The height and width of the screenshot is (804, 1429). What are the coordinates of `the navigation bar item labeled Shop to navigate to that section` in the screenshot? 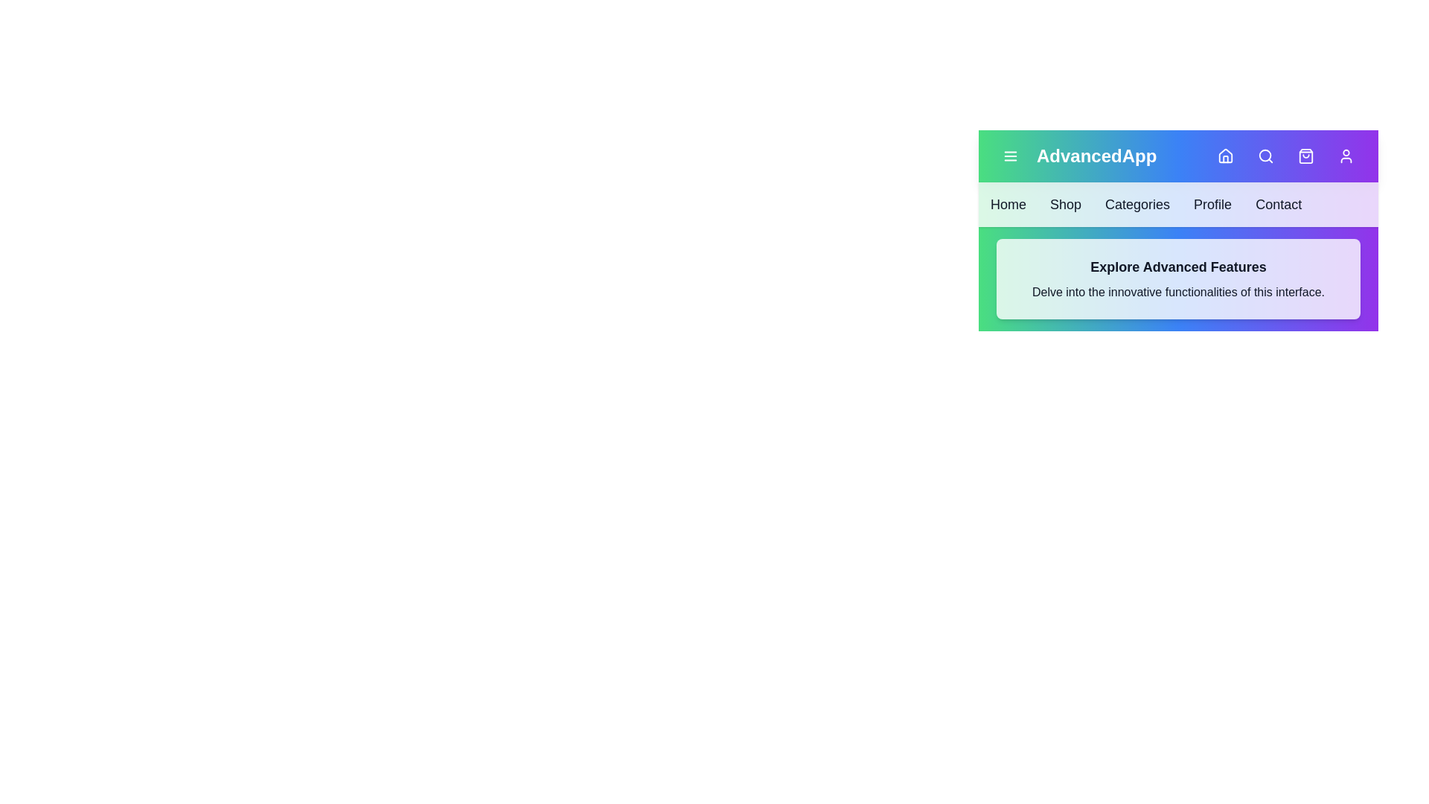 It's located at (1064, 204).